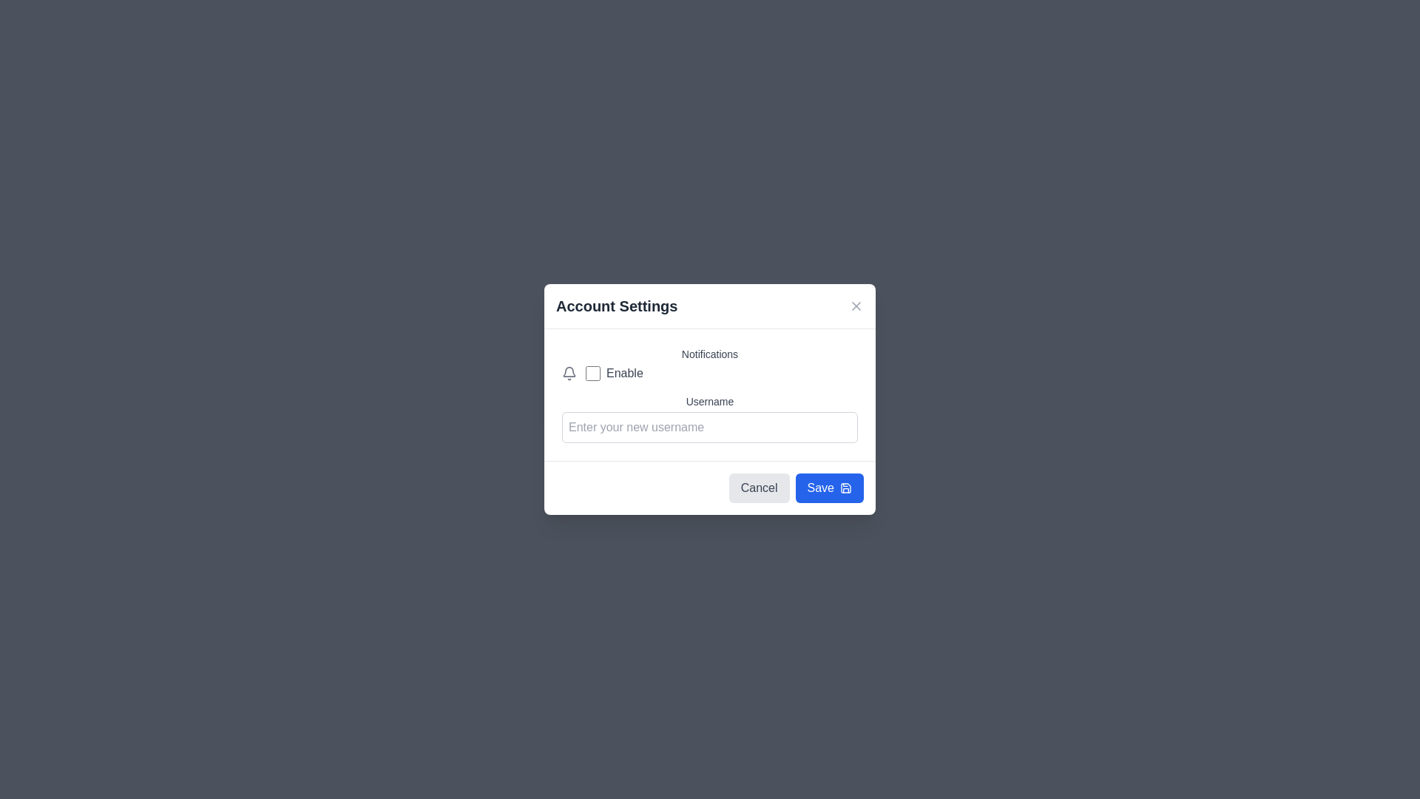 The width and height of the screenshot is (1420, 799). What do you see at coordinates (617, 305) in the screenshot?
I see `the 'Account Settings' static text element, which is a prominent header styled in dark gray` at bounding box center [617, 305].